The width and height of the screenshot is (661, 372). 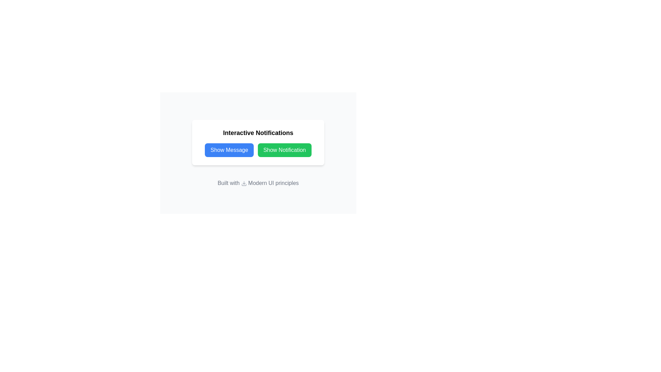 I want to click on the small download icon, which is a minimalistic gray arrow pointing downward, located to the left of the text 'Built with Modern UI principles', so click(x=244, y=183).